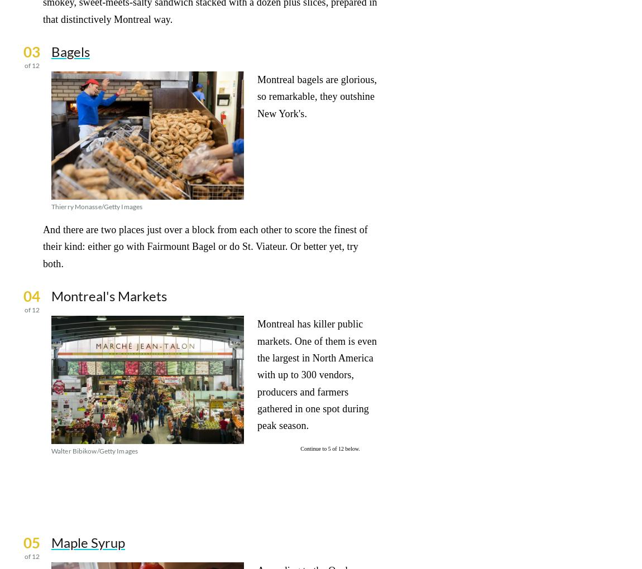  Describe the element at coordinates (317, 374) in the screenshot. I see `'Montreal has killer public markets. One of them is even the largest in North America with up to 300 vendors, producers and farmers gathered in one spot during peak season.'` at that location.